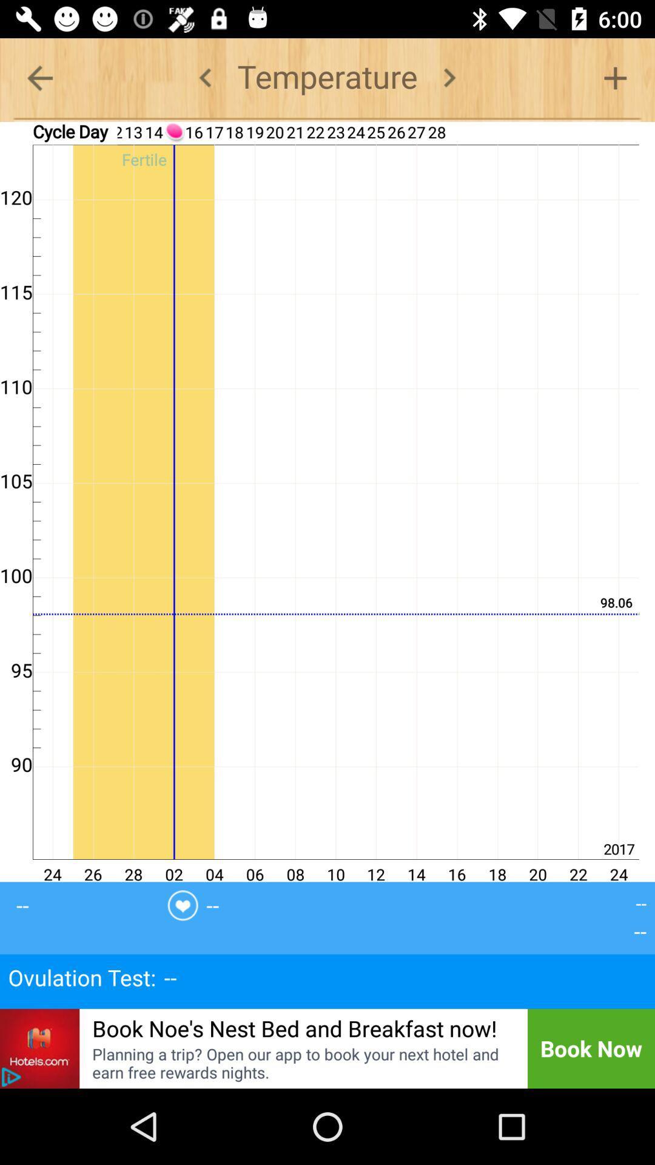  I want to click on the icon next to planning a trip icon, so click(11, 1077).